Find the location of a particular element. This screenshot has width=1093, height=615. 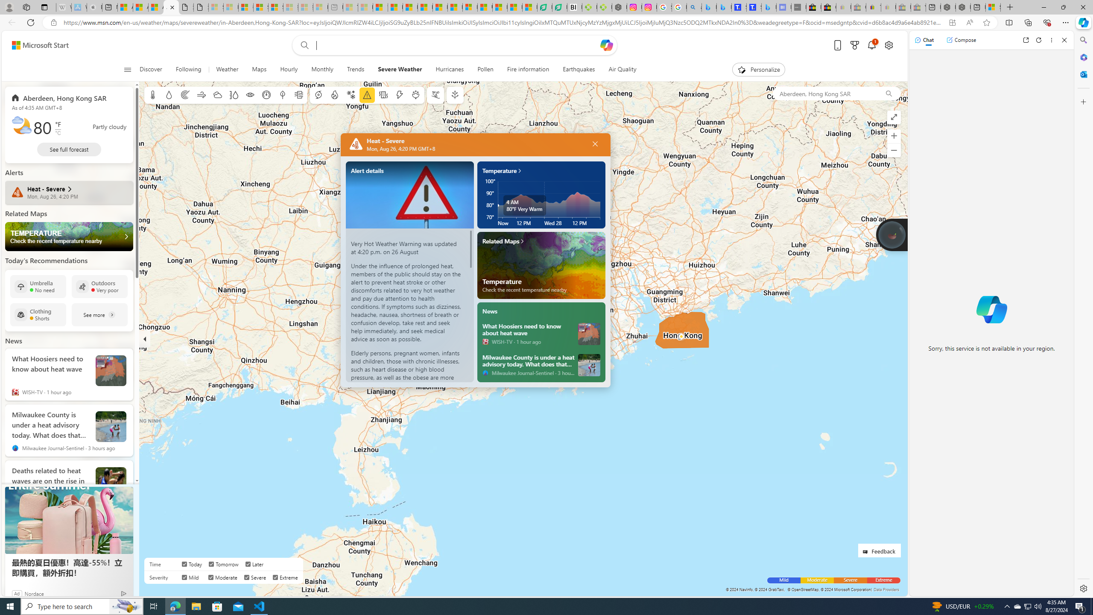

'Top Stories - MSN - Sleeping' is located at coordinates (350, 7).